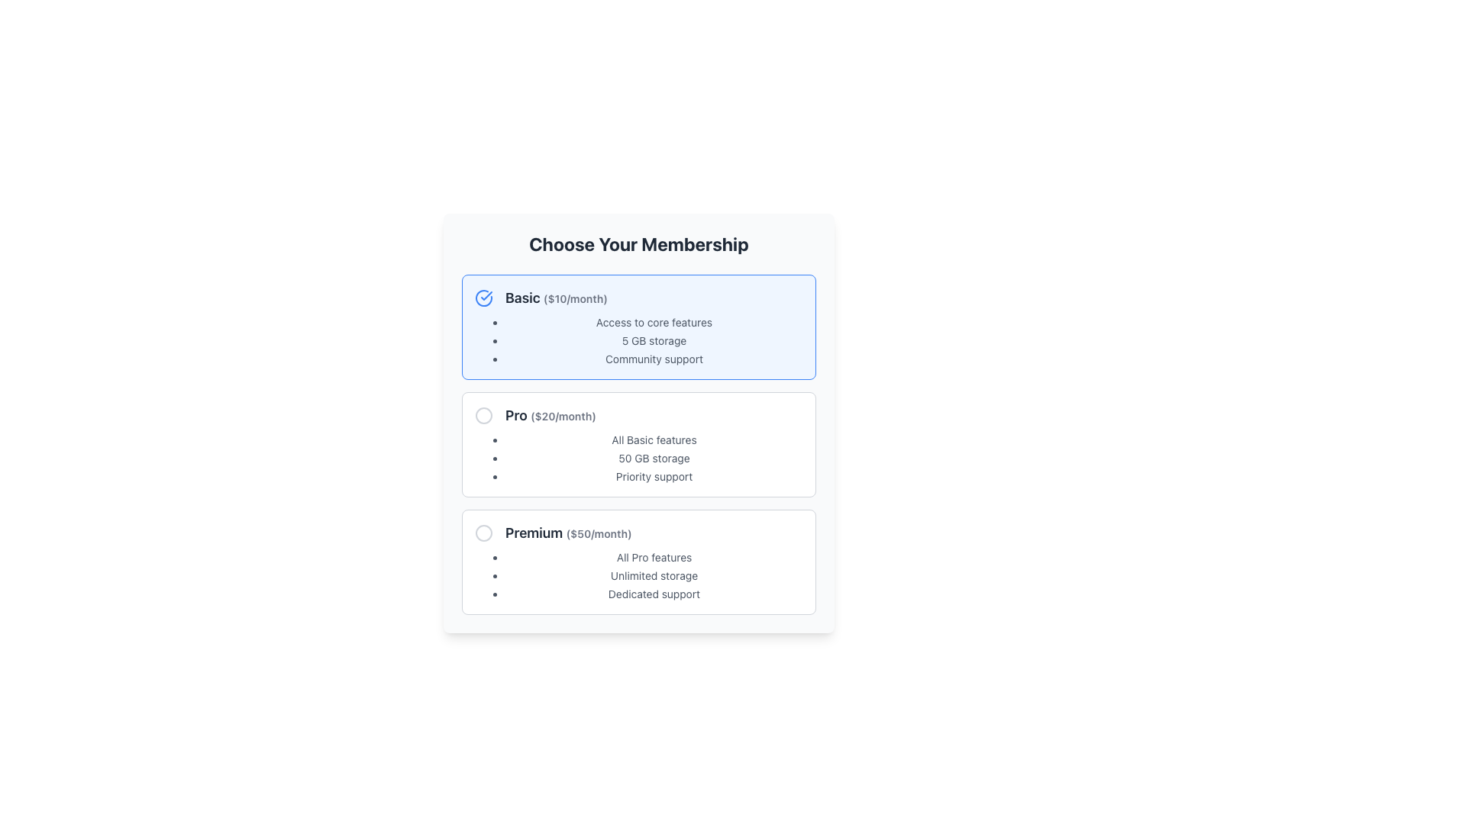  Describe the element at coordinates (654, 576) in the screenshot. I see `the 'Unlimited storage' text label, which is the second item in the three-point bulleted list of the 'Premium ($50/month)' feature description panel` at that location.